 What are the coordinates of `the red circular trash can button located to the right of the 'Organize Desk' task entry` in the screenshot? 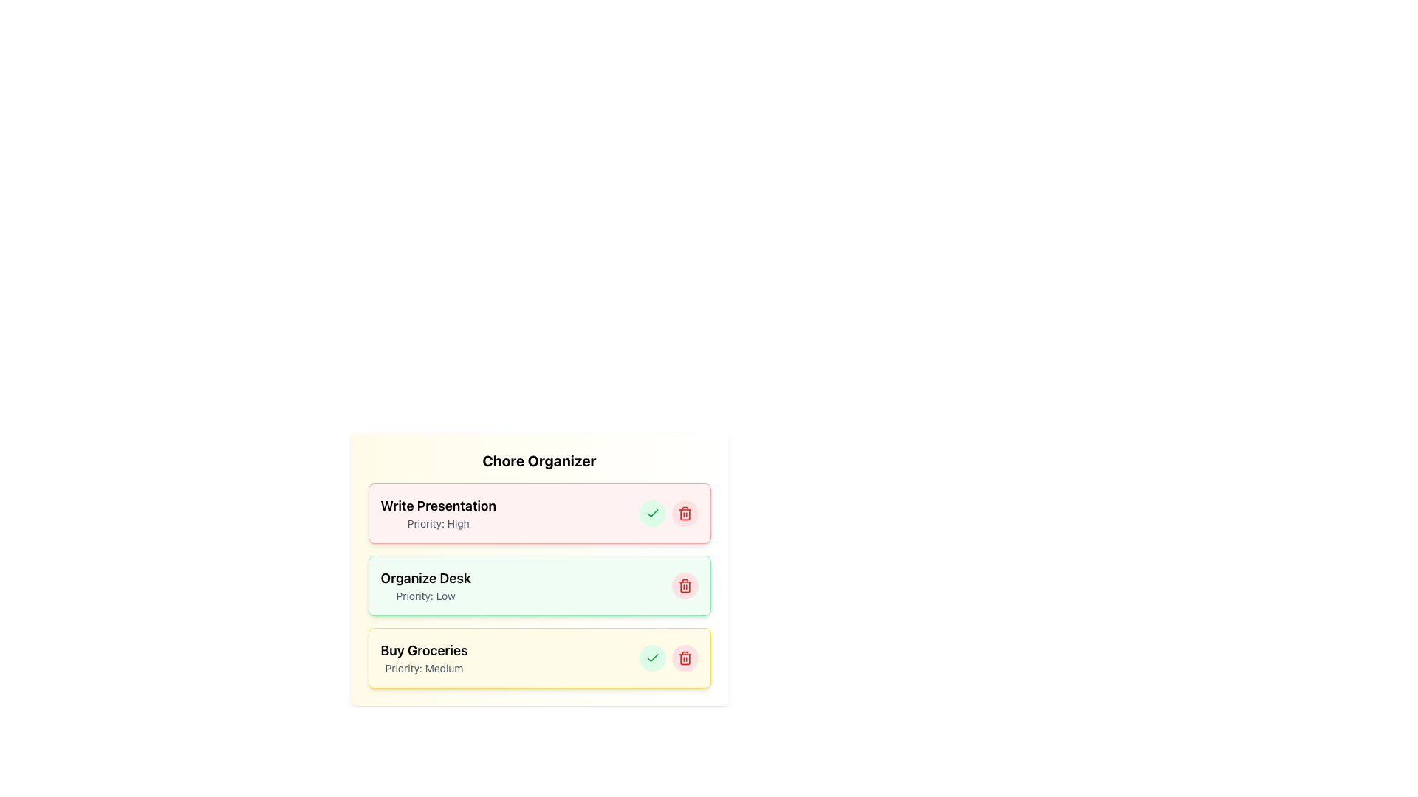 It's located at (684, 585).